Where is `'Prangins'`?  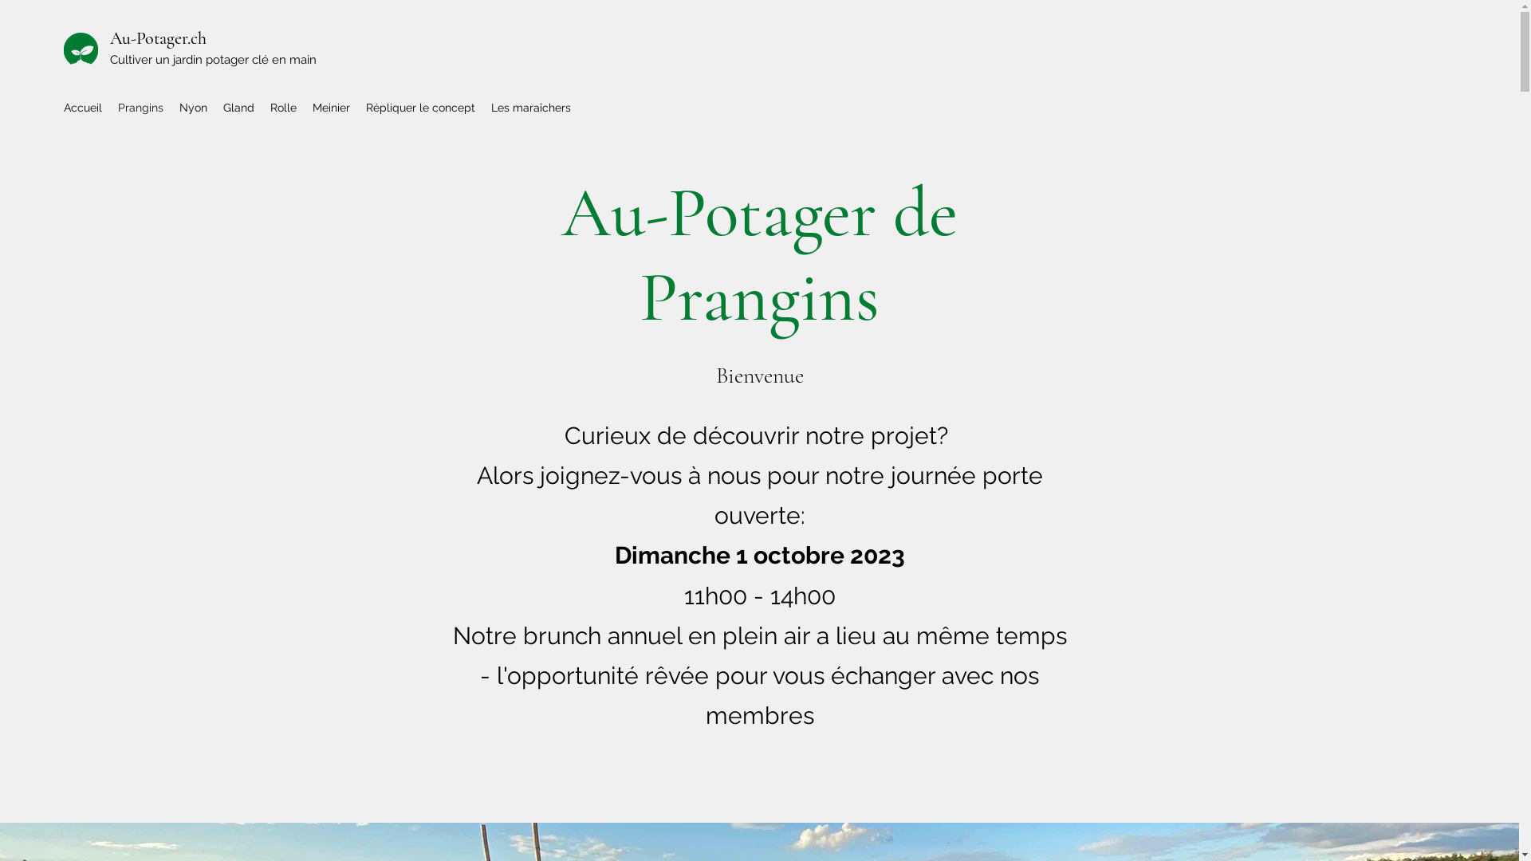 'Prangins' is located at coordinates (140, 108).